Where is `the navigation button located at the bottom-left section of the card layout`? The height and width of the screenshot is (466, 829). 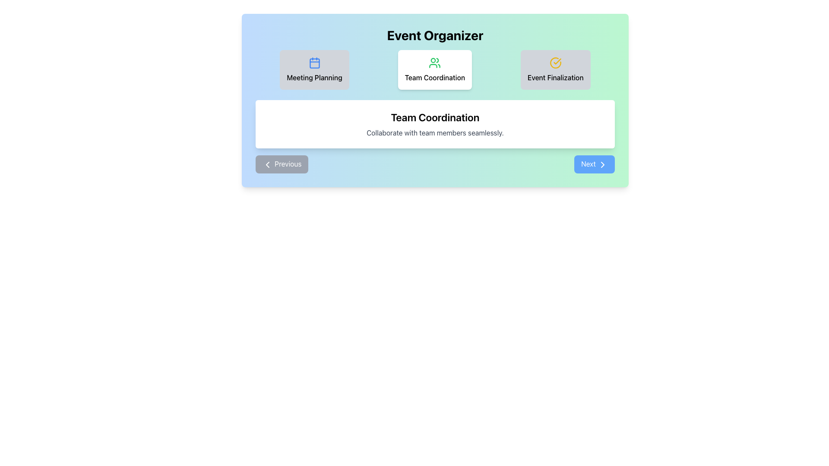
the navigation button located at the bottom-left section of the card layout is located at coordinates (282, 164).